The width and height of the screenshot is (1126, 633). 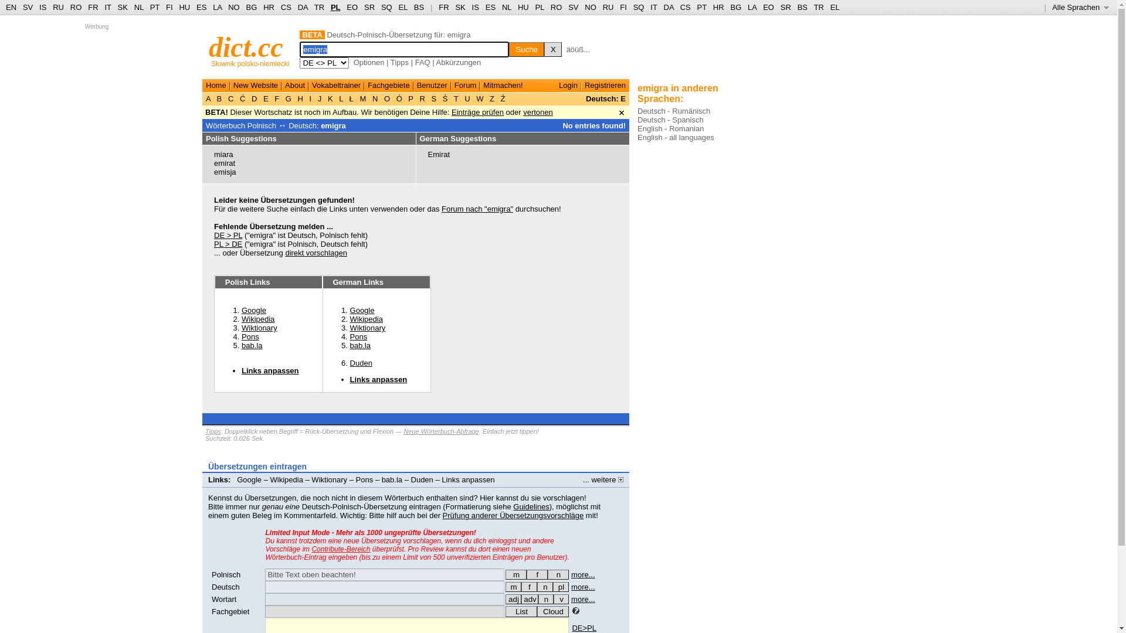 I want to click on 'adj', so click(x=513, y=599).